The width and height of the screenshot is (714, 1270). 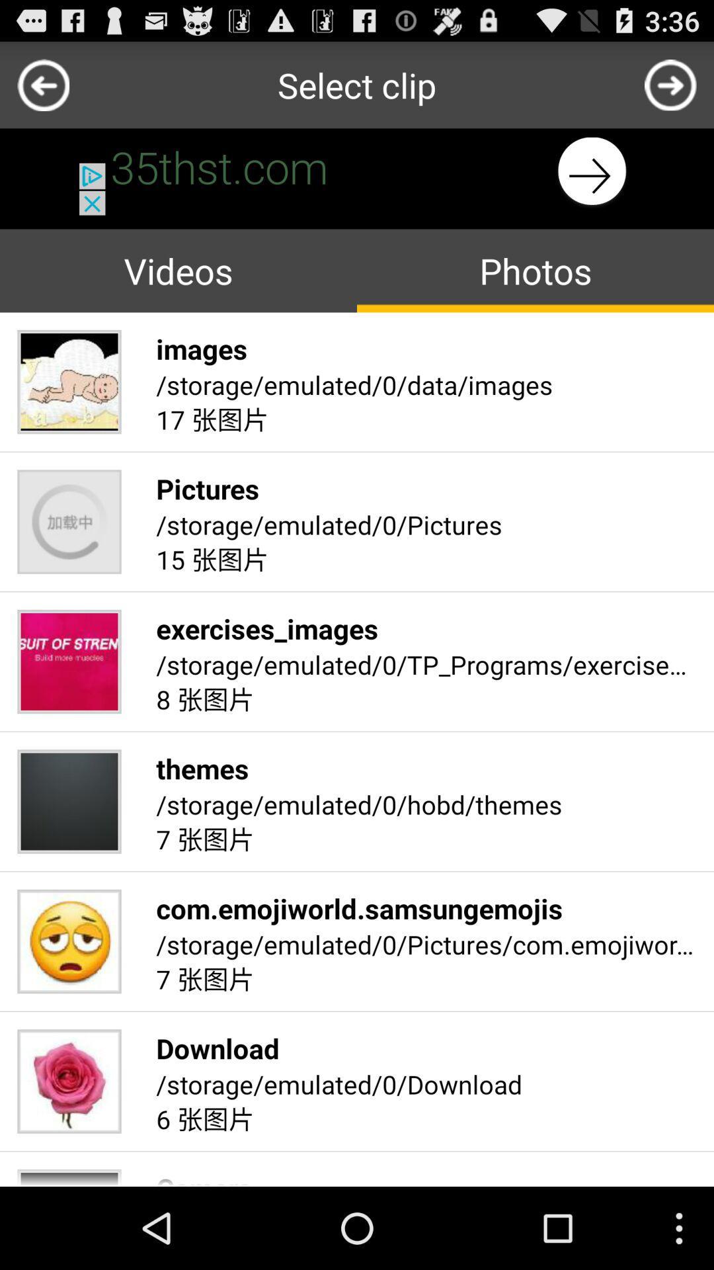 I want to click on advertisement at top, so click(x=357, y=171).